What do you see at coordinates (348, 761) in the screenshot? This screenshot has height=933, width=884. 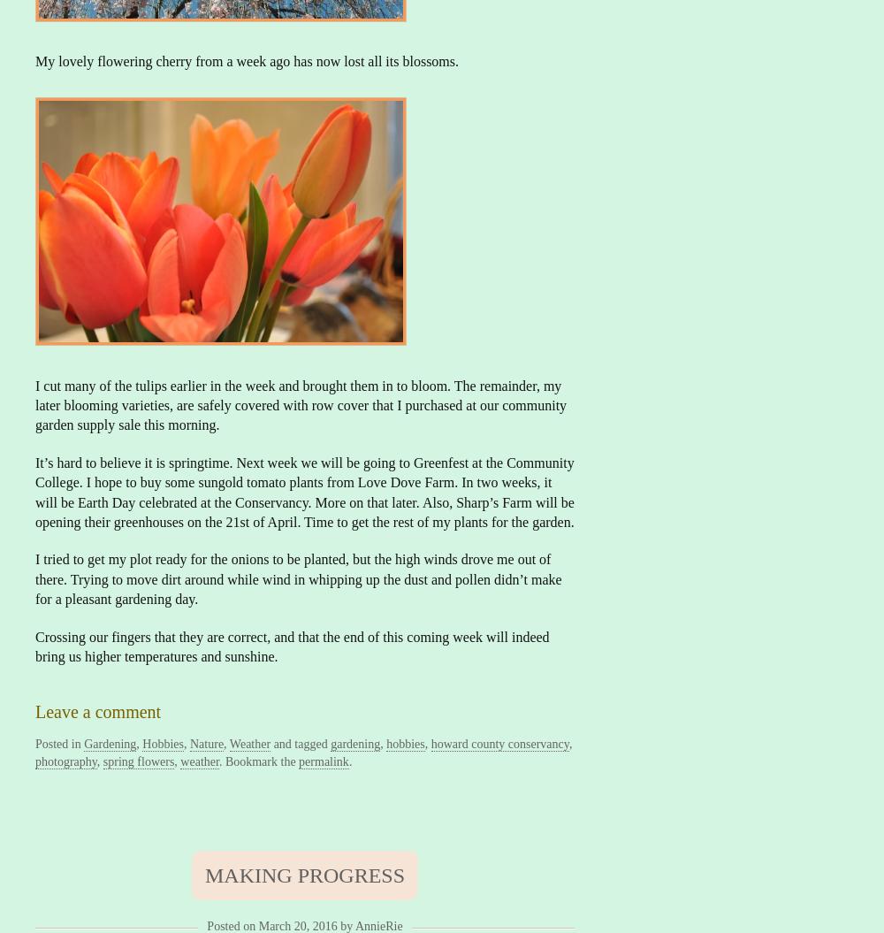 I see `'.'` at bounding box center [348, 761].